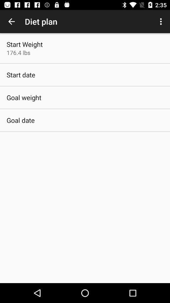  Describe the element at coordinates (24, 98) in the screenshot. I see `item below the start date app` at that location.